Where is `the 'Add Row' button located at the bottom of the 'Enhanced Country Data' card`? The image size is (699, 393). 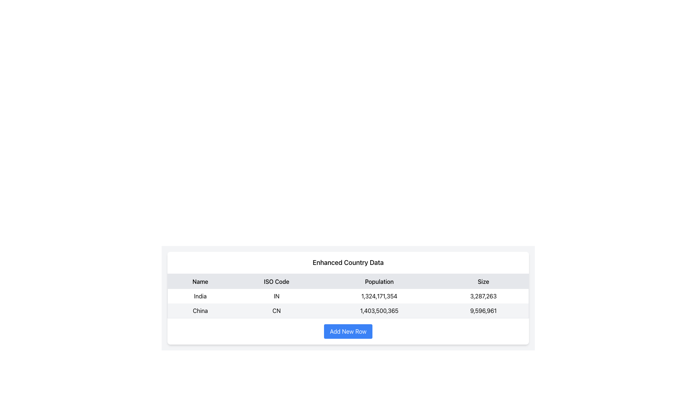 the 'Add Row' button located at the bottom of the 'Enhanced Country Data' card is located at coordinates (348, 331).